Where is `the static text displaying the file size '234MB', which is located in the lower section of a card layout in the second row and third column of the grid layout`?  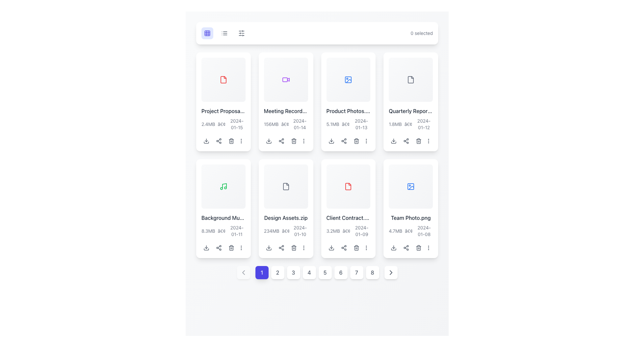
the static text displaying the file size '234MB', which is located in the lower section of a card layout in the second row and third column of the grid layout is located at coordinates (272, 230).